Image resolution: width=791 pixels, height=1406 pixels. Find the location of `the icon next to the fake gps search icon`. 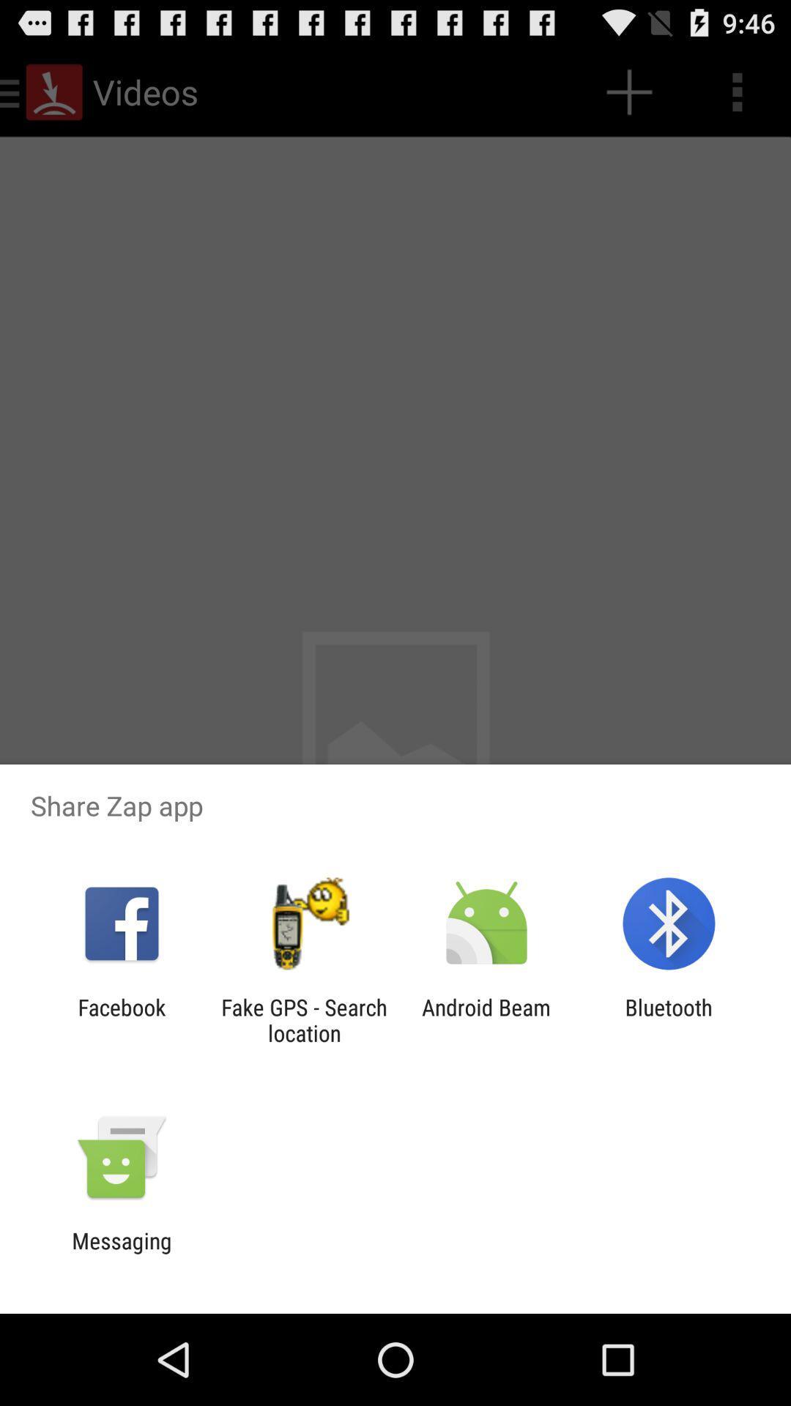

the icon next to the fake gps search icon is located at coordinates (486, 1019).